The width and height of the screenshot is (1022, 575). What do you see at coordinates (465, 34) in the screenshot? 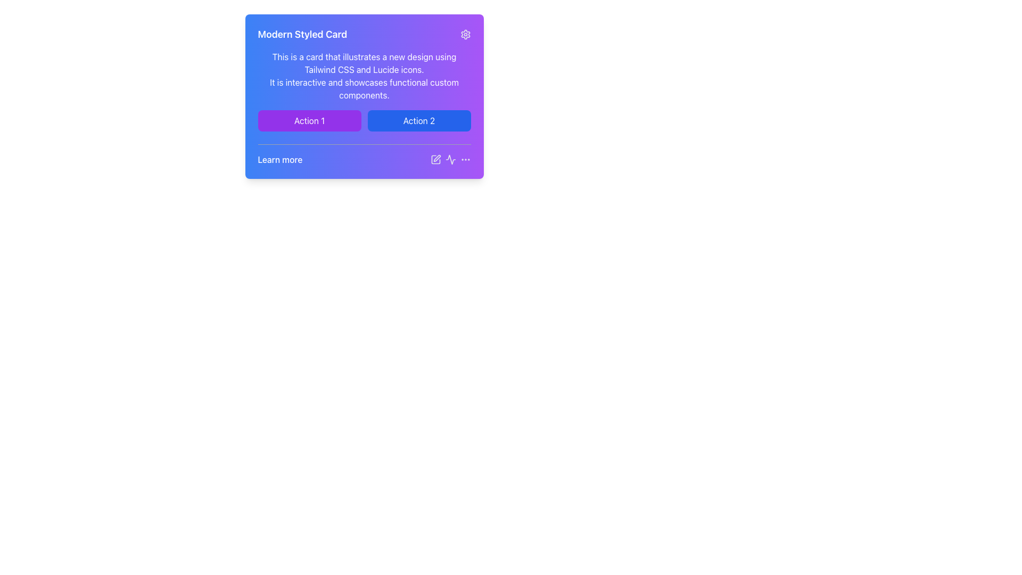
I see `the gear-shaped icon button located at the top-right corner of the card component for accessibility purposes` at bounding box center [465, 34].